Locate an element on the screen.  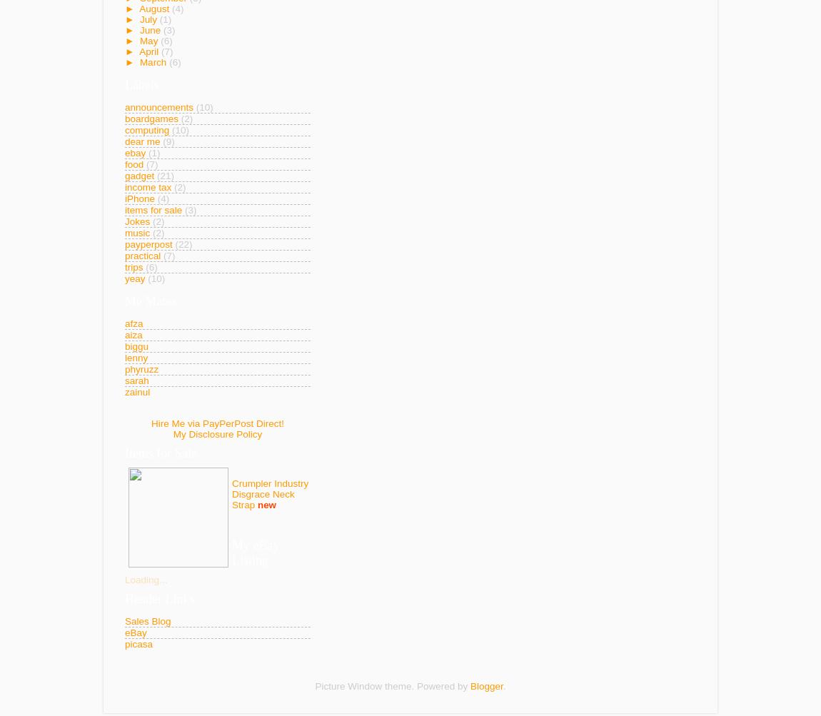
'Picture Window theme. Powered by' is located at coordinates (393, 685).